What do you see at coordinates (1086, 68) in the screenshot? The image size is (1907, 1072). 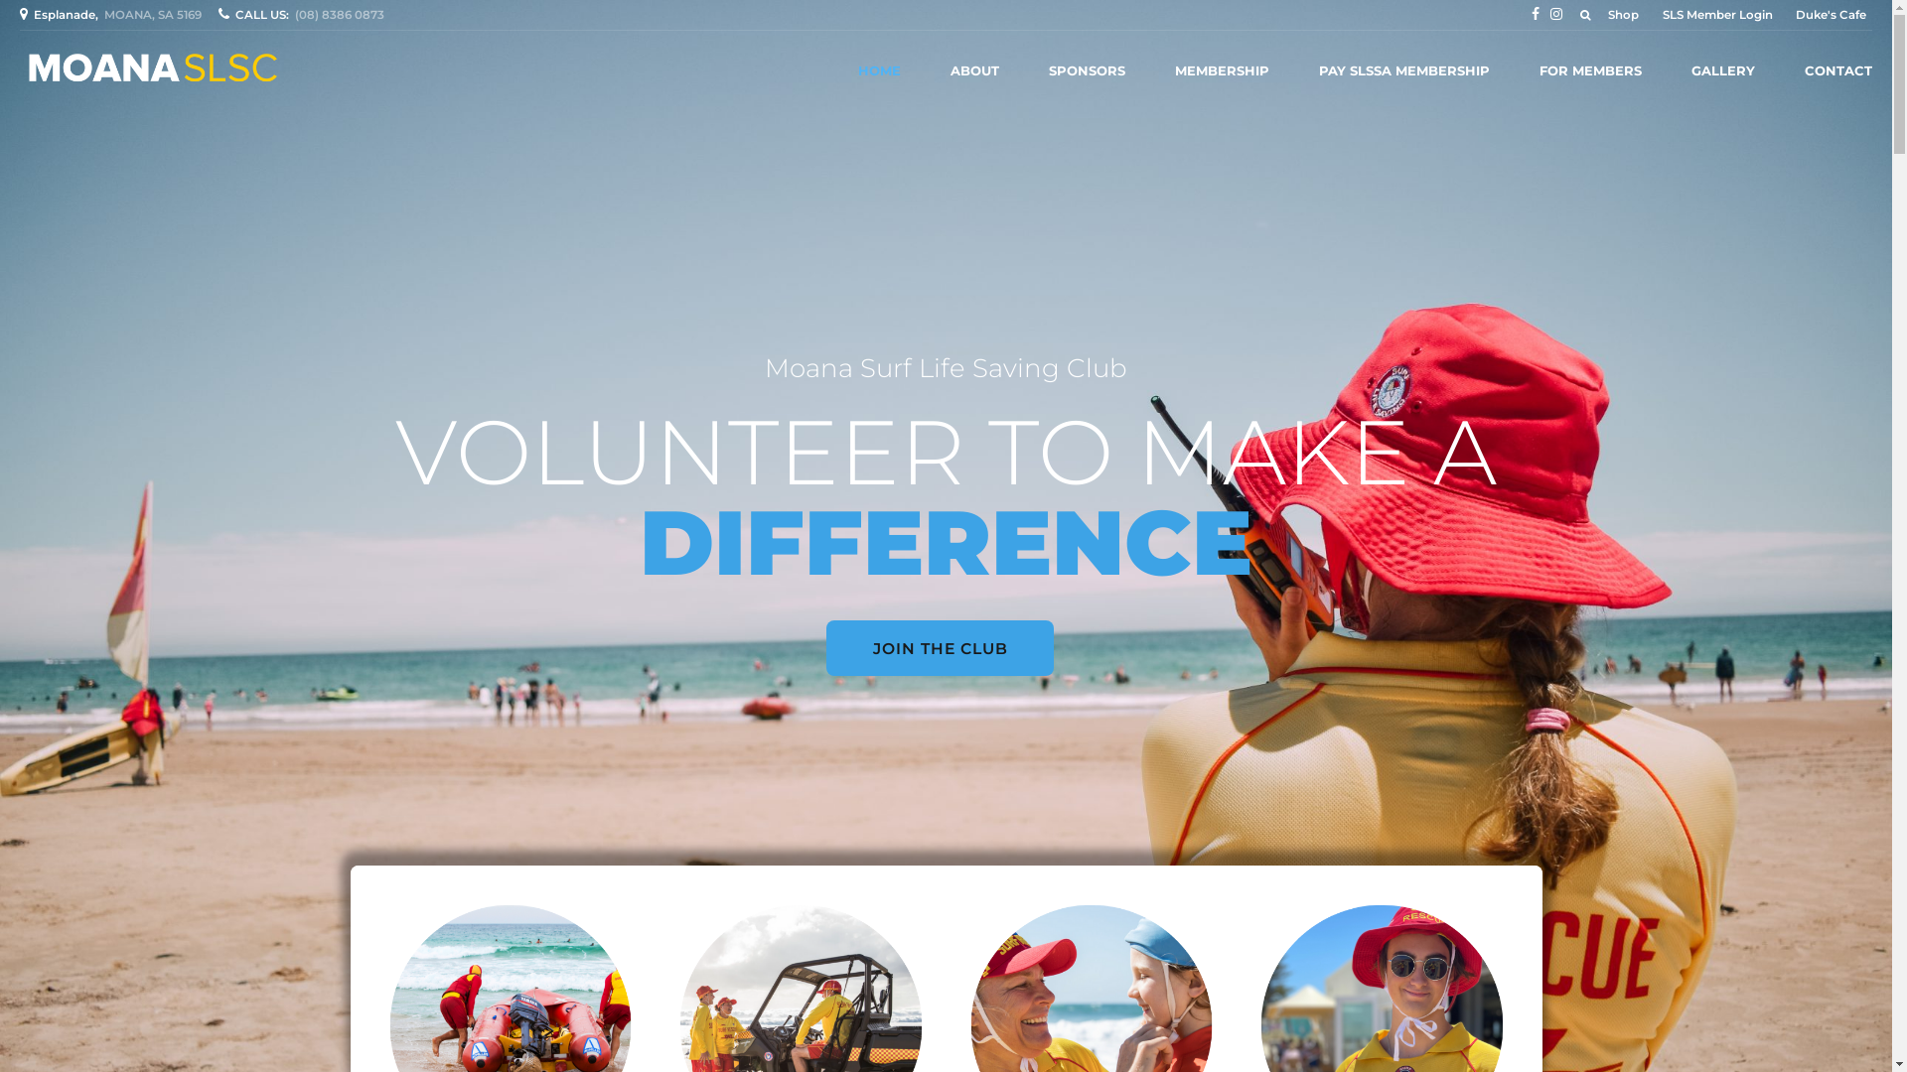 I see `'SPONSORS'` at bounding box center [1086, 68].